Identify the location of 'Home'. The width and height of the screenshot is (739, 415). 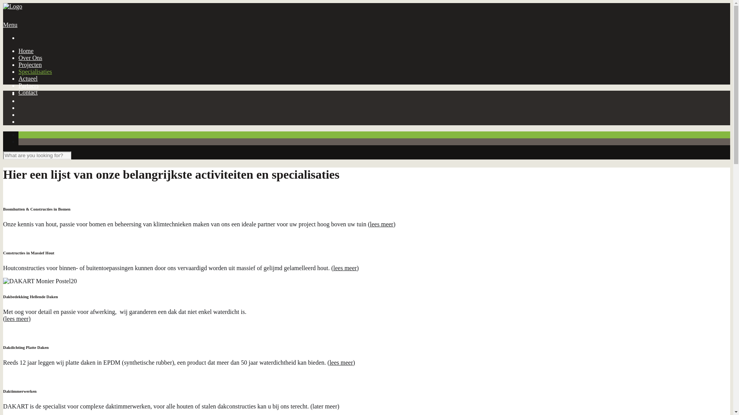
(26, 51).